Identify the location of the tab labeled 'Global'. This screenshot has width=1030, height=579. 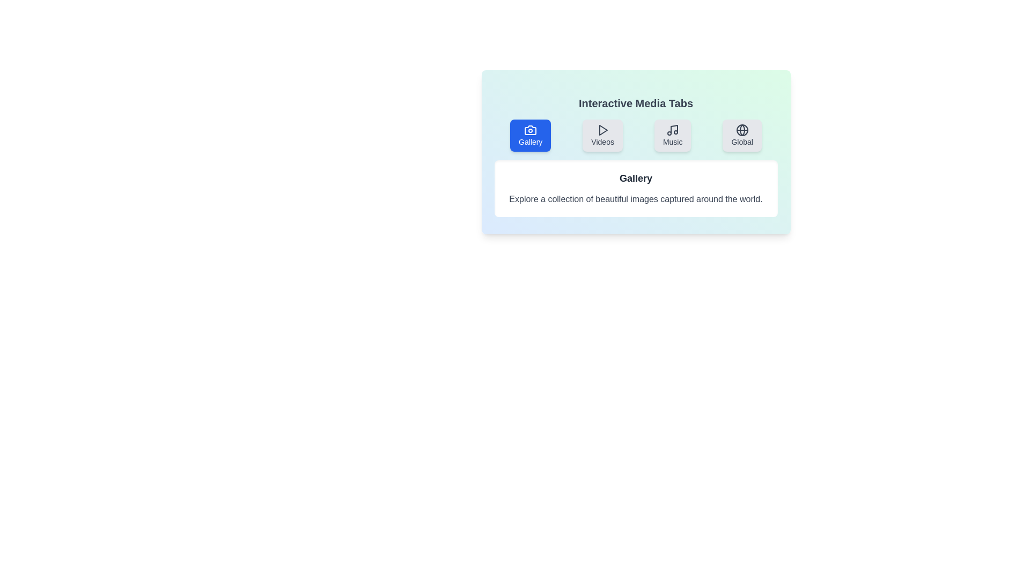
(741, 135).